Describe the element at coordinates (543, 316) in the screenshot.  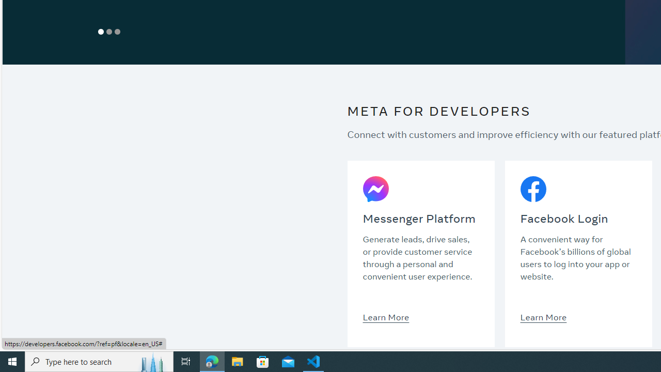
I see `'Learn More'` at that location.